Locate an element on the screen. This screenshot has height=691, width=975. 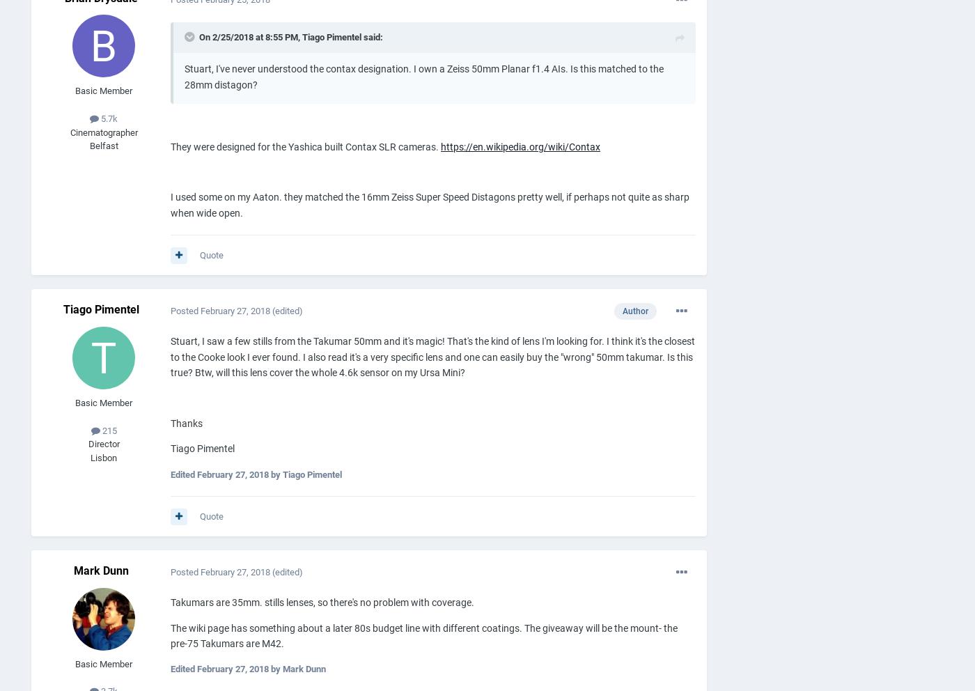
'Takumars are 35mm. stills lenses, so there's no problem with coverage.' is located at coordinates (322, 602).